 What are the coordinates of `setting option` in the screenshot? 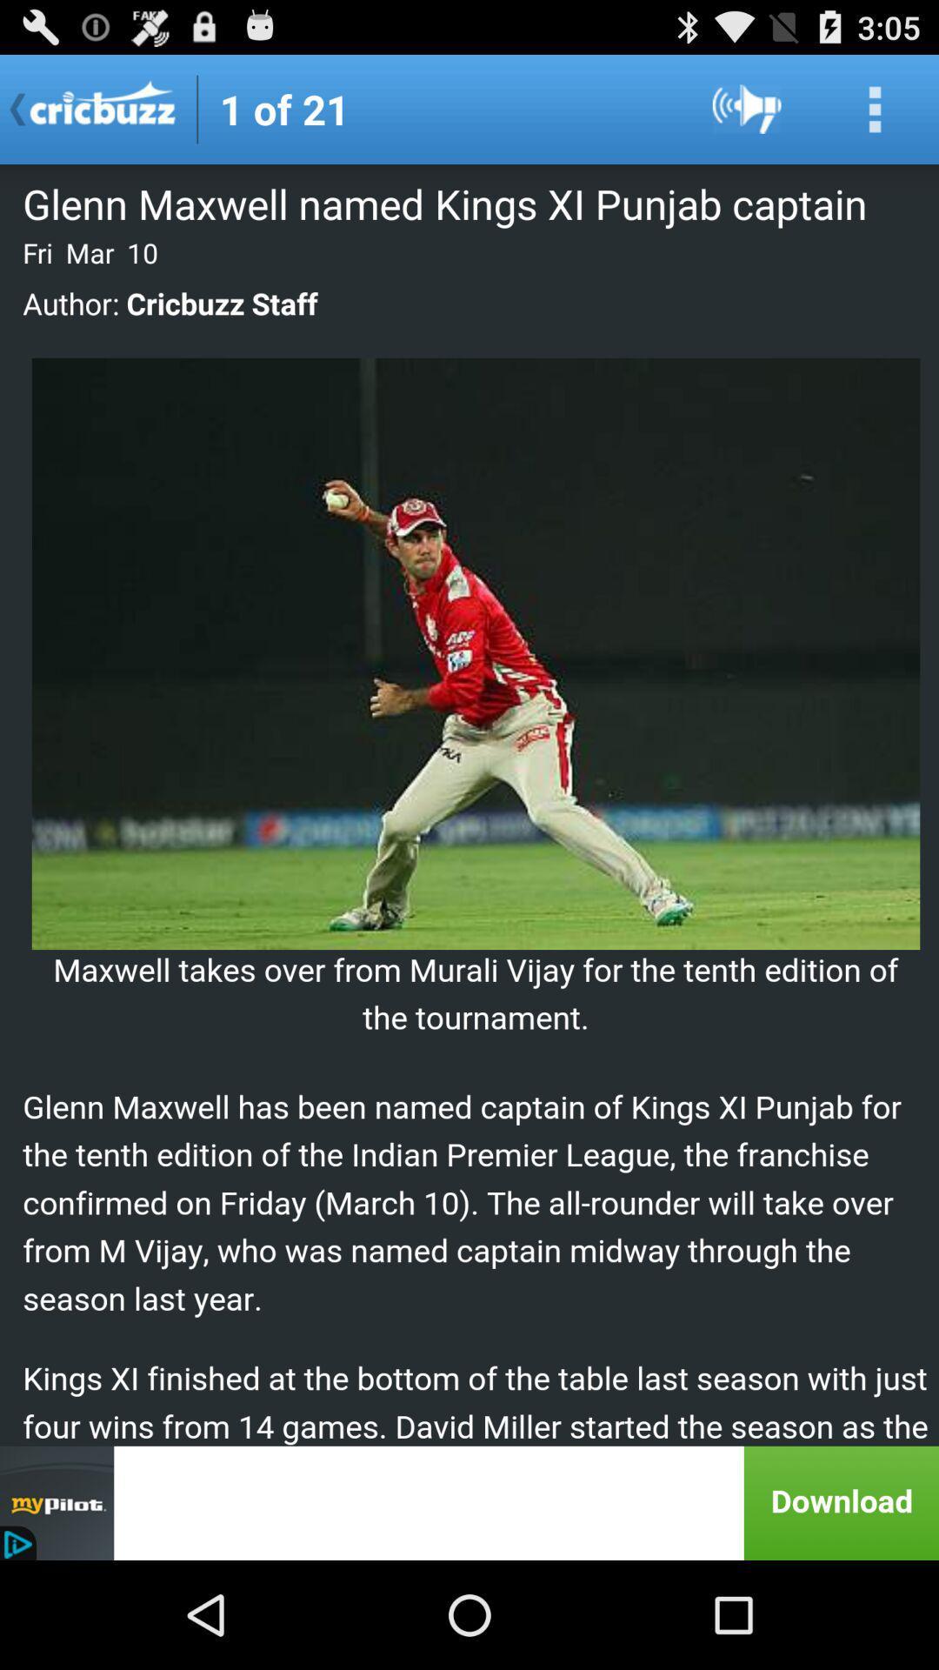 It's located at (875, 108).